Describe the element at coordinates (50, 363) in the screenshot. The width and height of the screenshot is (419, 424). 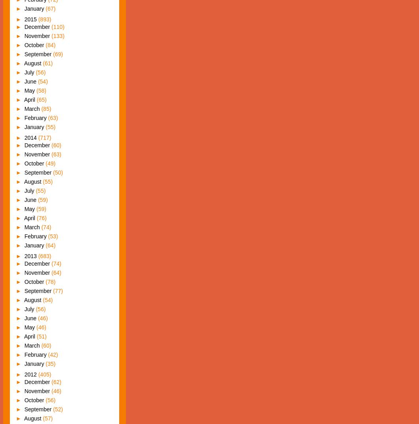
I see `'(35)'` at that location.